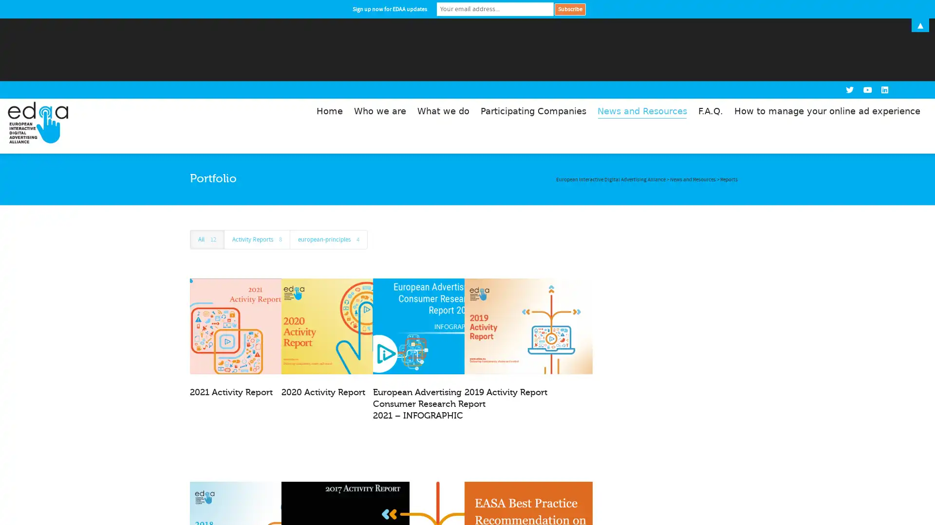 The height and width of the screenshot is (525, 935). I want to click on Subscribe, so click(570, 9).